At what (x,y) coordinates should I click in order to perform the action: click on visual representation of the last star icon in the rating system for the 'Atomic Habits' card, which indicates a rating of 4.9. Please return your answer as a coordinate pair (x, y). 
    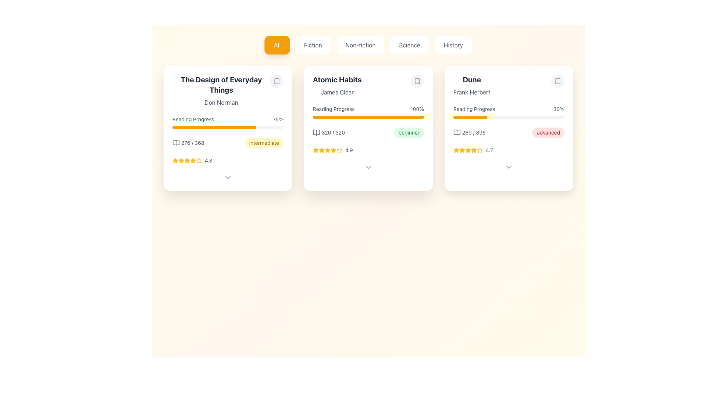
    Looking at the image, I should click on (339, 150).